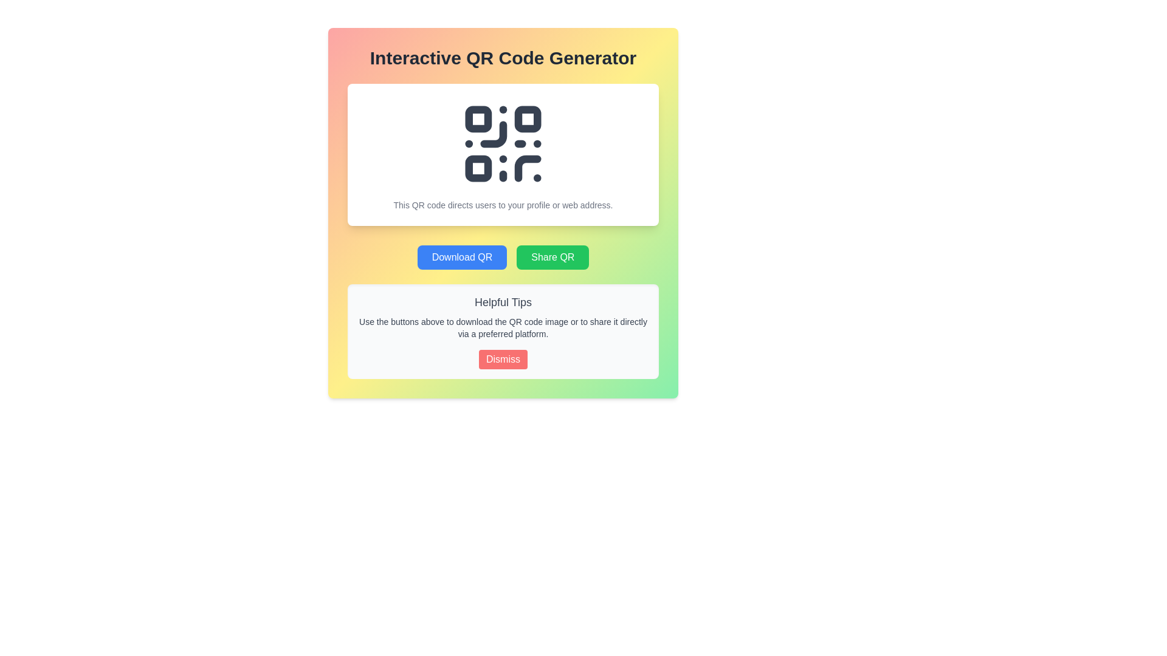 The height and width of the screenshot is (656, 1167). Describe the element at coordinates (461, 257) in the screenshot. I see `the download button located at the bottom of the QR code display area to download the QR code as an image file` at that location.